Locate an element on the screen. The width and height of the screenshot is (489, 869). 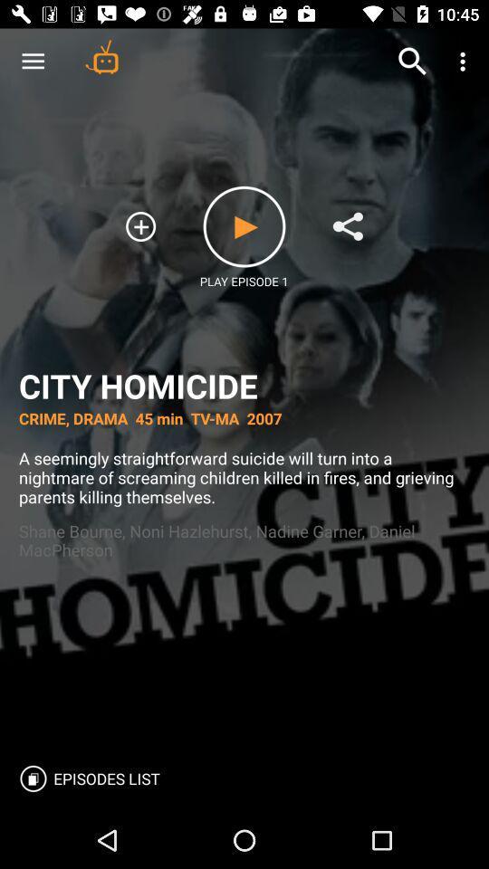
condivide the link is located at coordinates (348, 225).